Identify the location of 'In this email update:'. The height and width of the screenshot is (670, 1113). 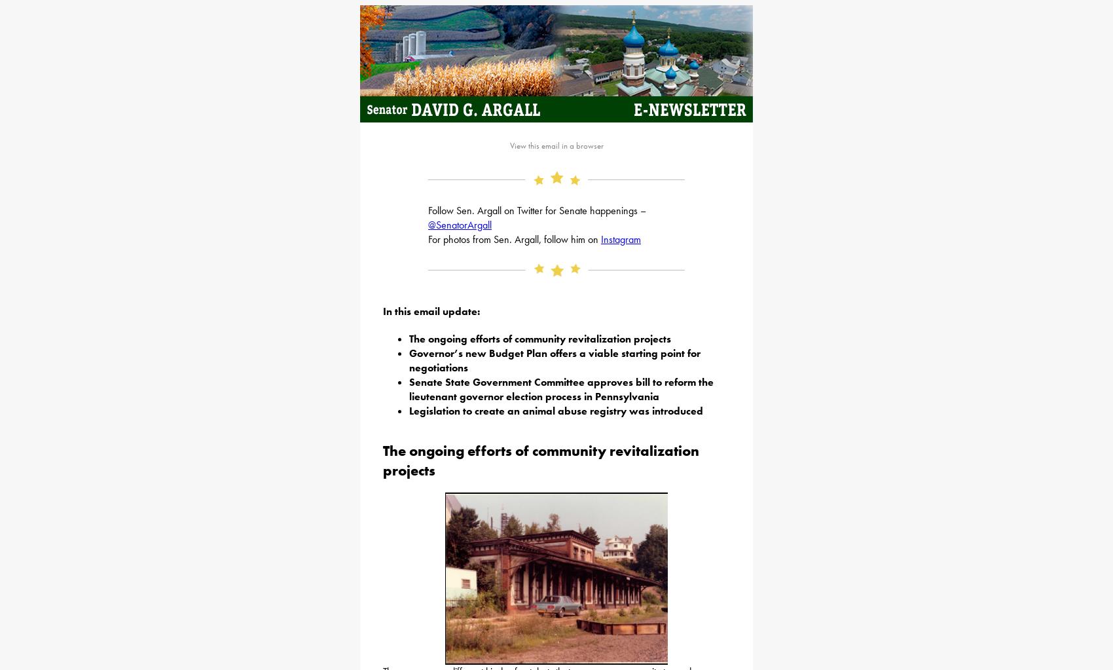
(431, 310).